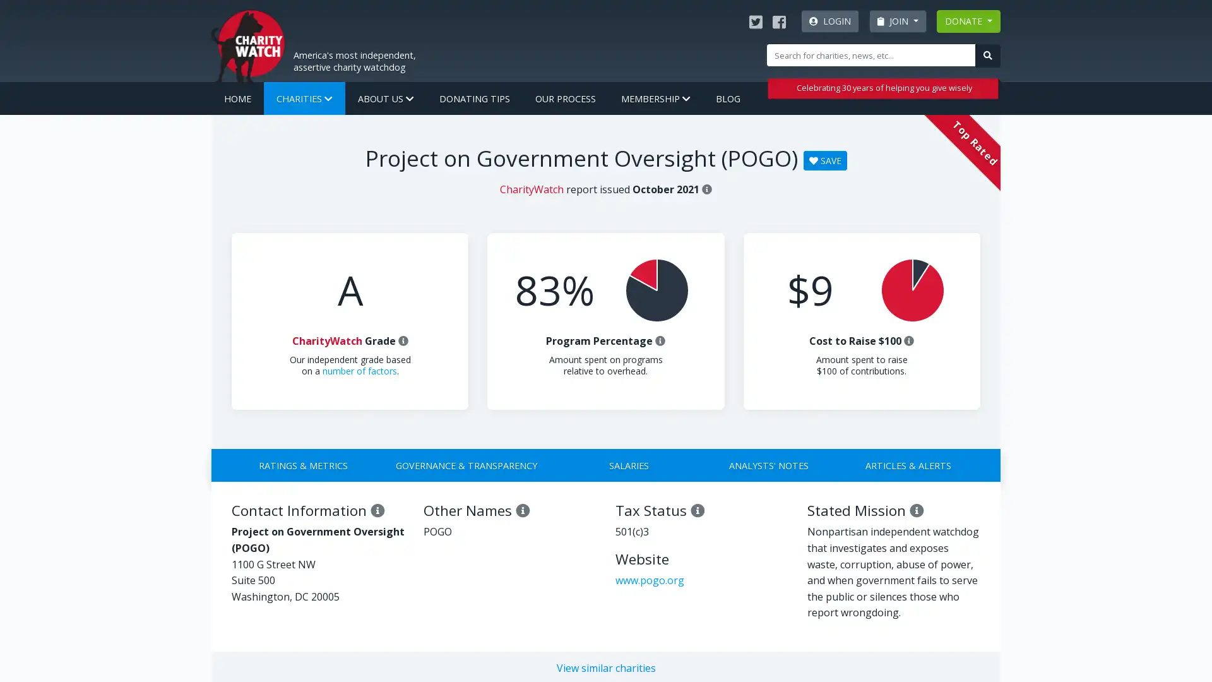 This screenshot has width=1212, height=682. What do you see at coordinates (824, 160) in the screenshot?
I see `SAVE` at bounding box center [824, 160].